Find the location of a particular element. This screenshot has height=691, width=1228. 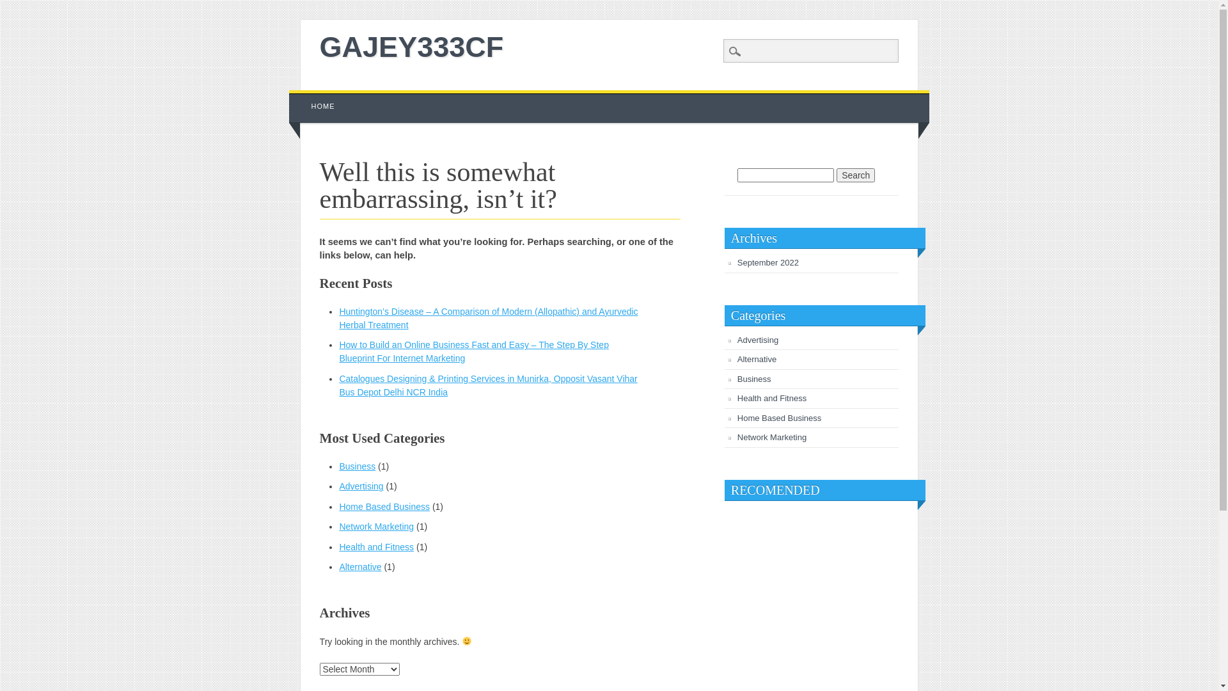

'September 2022' is located at coordinates (767, 262).